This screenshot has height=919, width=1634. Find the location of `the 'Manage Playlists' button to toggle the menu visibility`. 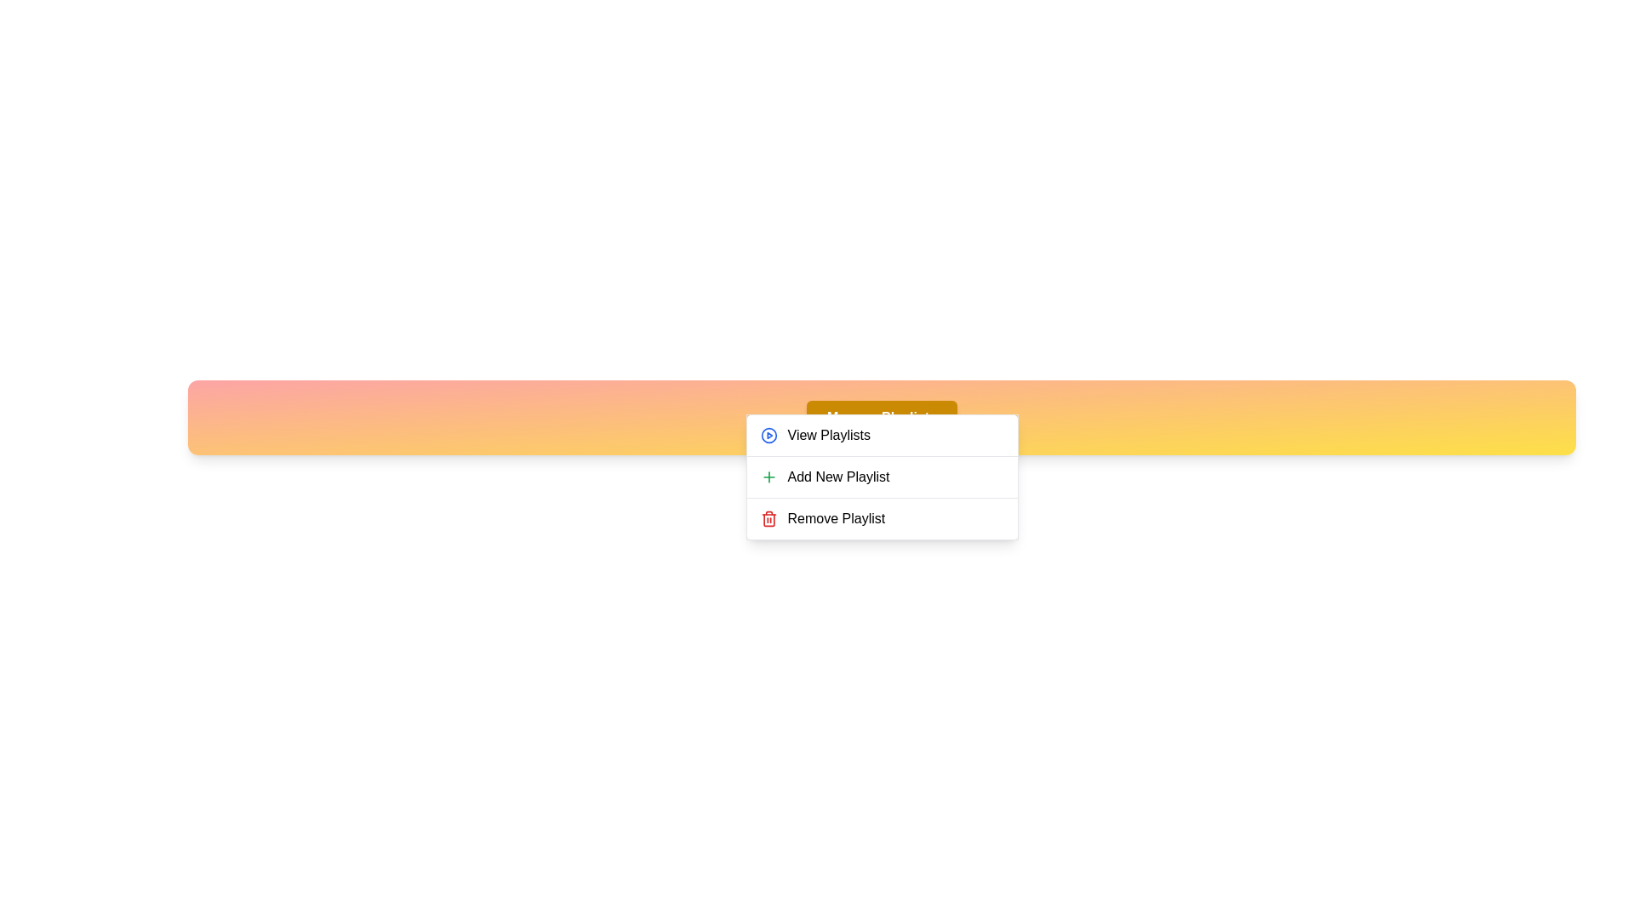

the 'Manage Playlists' button to toggle the menu visibility is located at coordinates (882, 417).